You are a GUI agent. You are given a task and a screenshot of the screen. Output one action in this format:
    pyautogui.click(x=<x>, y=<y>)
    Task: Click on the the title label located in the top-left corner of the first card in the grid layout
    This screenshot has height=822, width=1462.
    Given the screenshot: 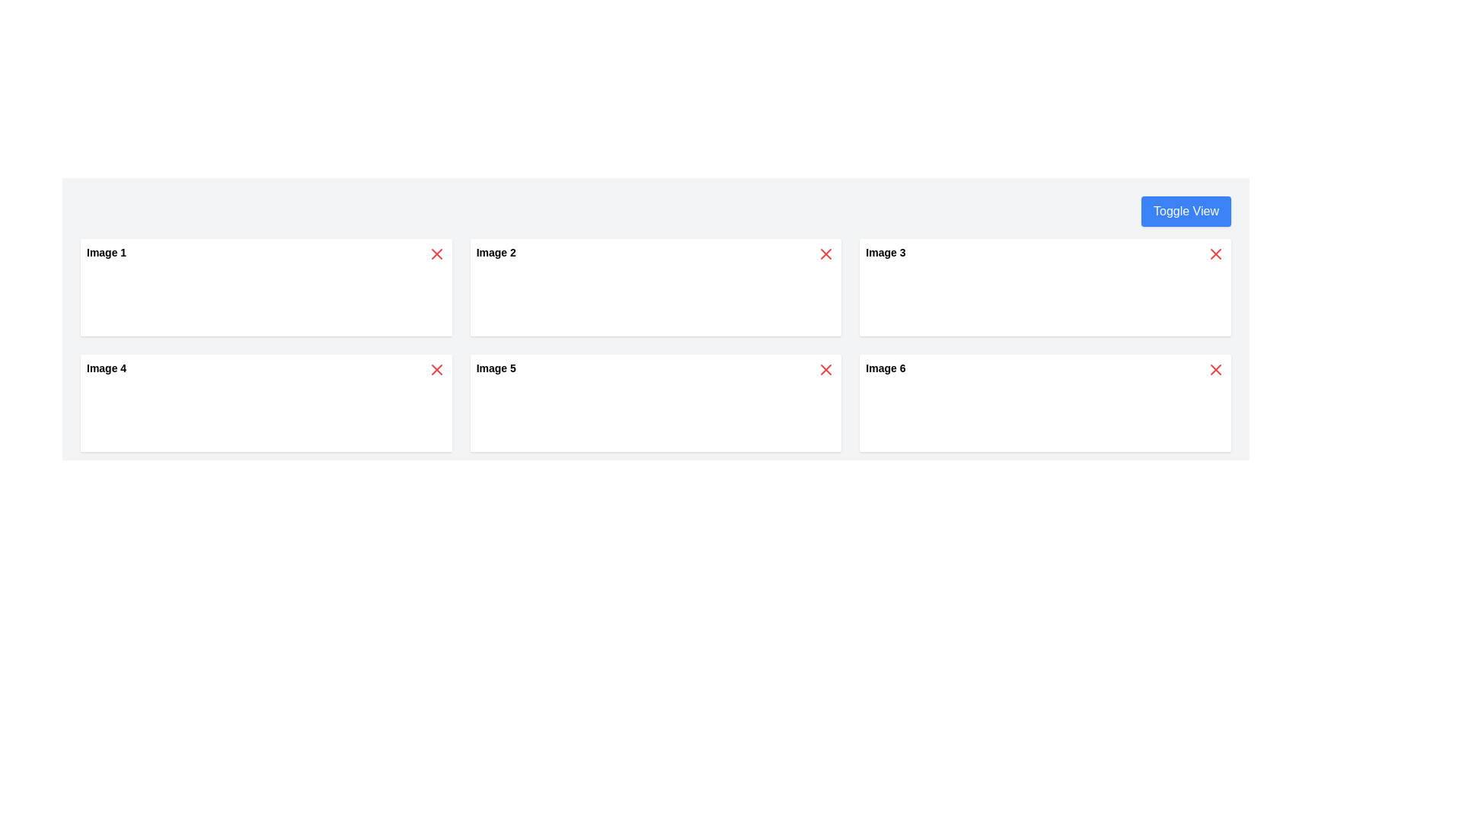 What is the action you would take?
    pyautogui.click(x=106, y=251)
    